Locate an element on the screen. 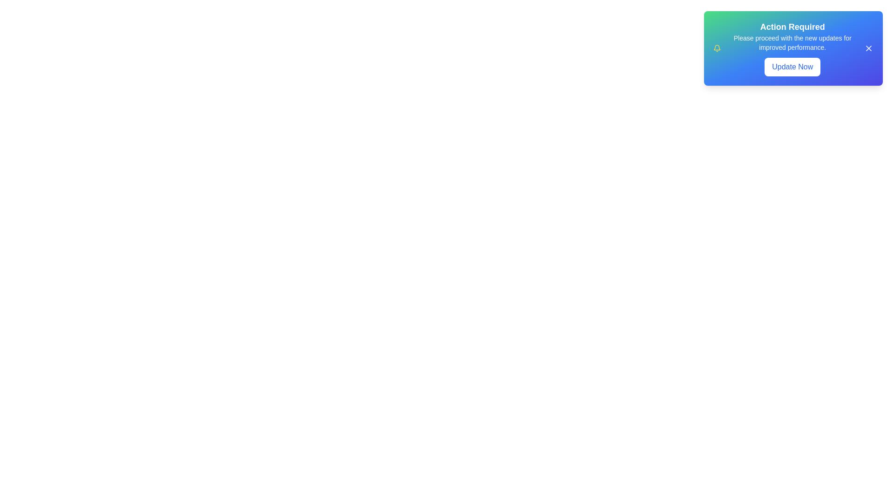  the bell icon by moving the cursor to its center is located at coordinates (717, 48).